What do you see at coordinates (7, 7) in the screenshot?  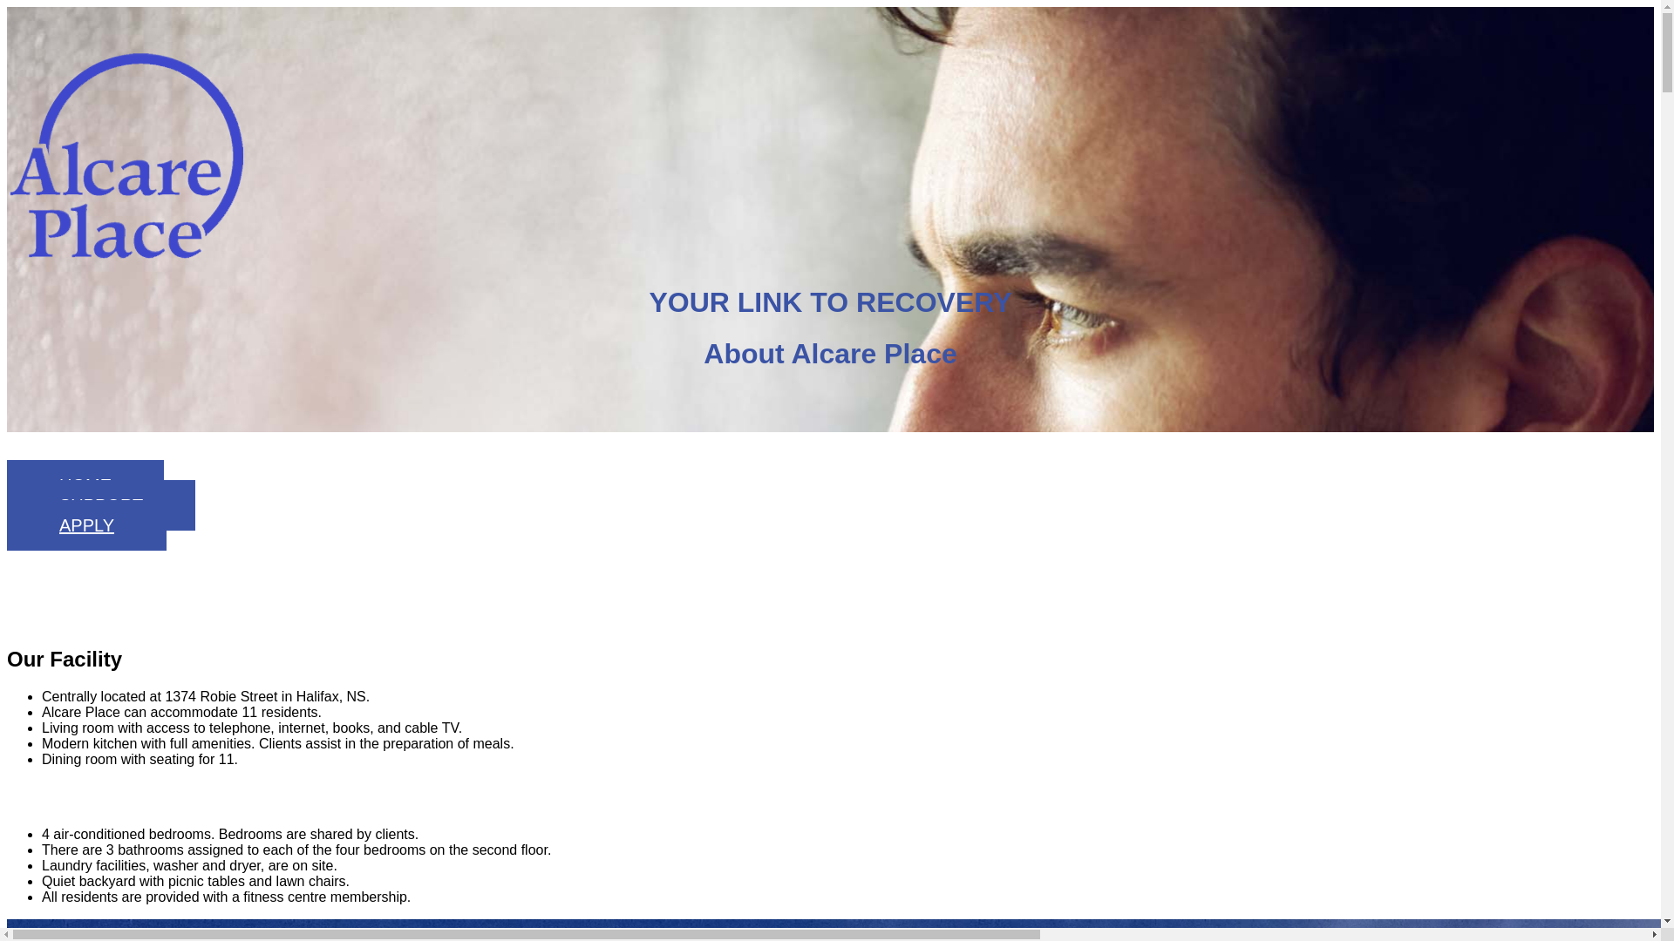 I see `'Skip to main content'` at bounding box center [7, 7].